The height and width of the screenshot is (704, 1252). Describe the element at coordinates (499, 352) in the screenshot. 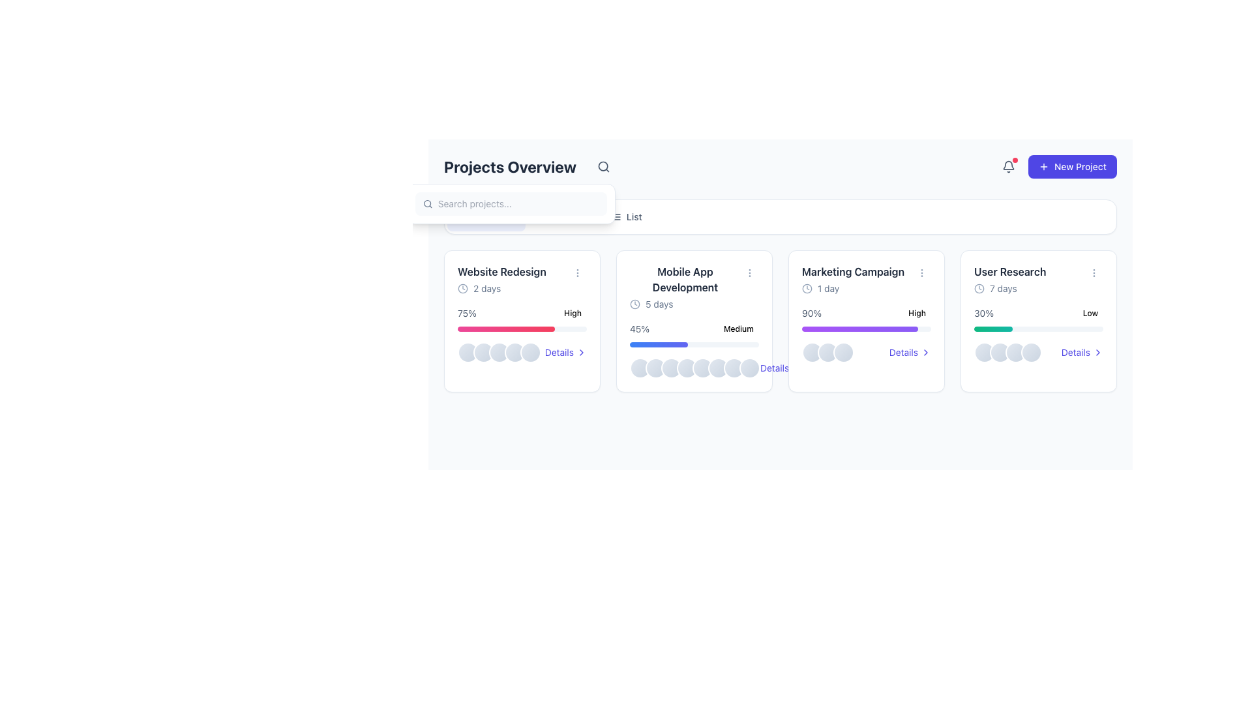

I see `the group of interactive rounded avatar placeholders, which are five circular shapes with a gradient background and white borders, located in the bottom section of the 'Website Redesign' card in the 'Projects Overview' interface` at that location.